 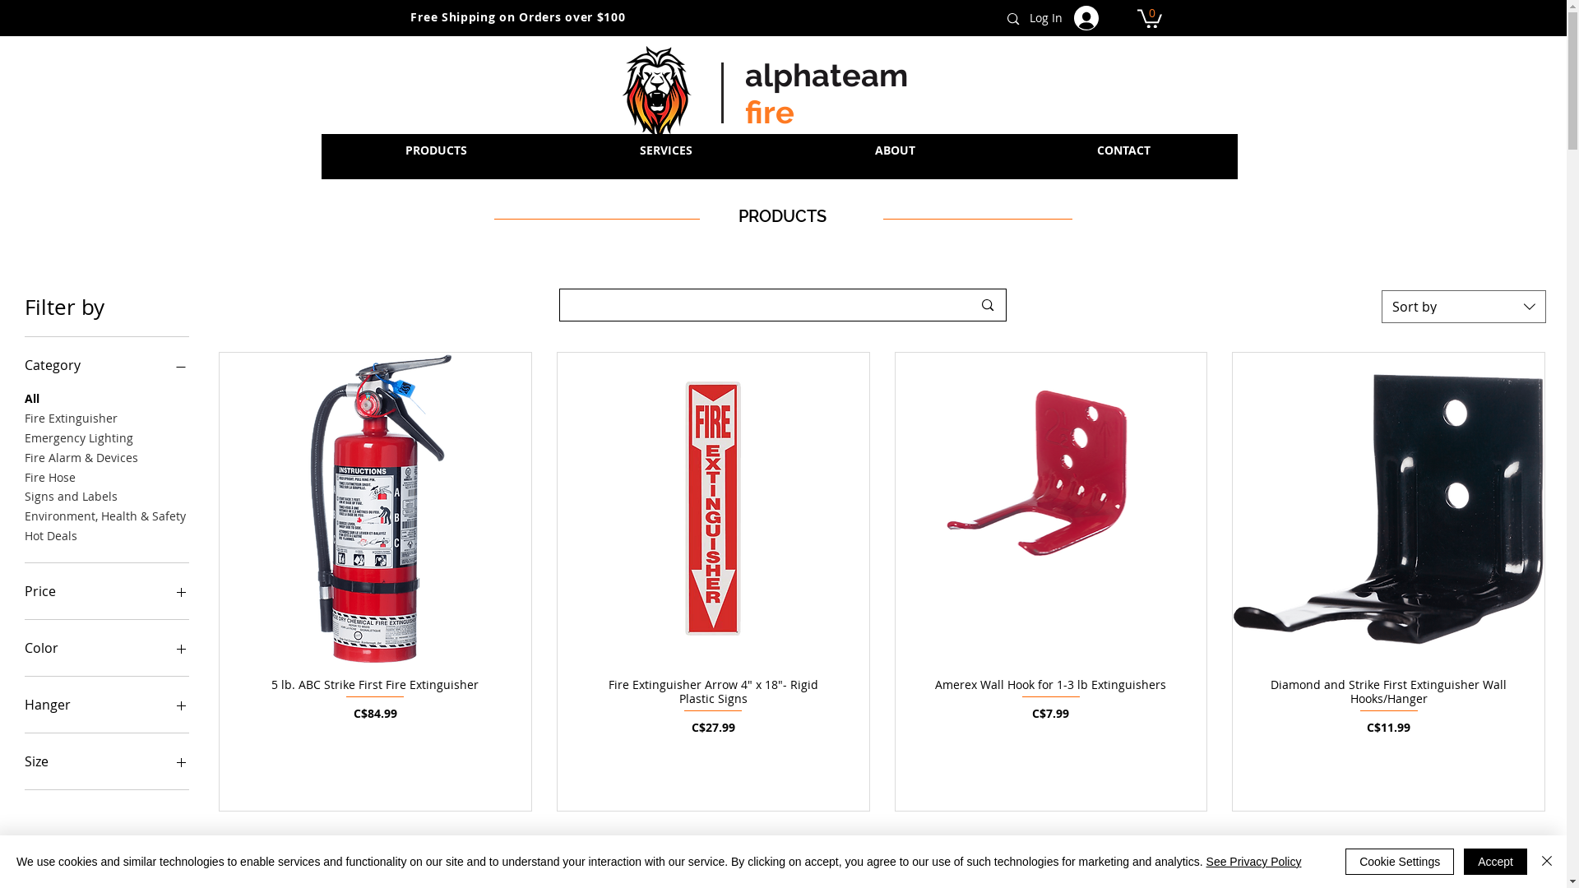 I want to click on '0', so click(x=1147, y=17).